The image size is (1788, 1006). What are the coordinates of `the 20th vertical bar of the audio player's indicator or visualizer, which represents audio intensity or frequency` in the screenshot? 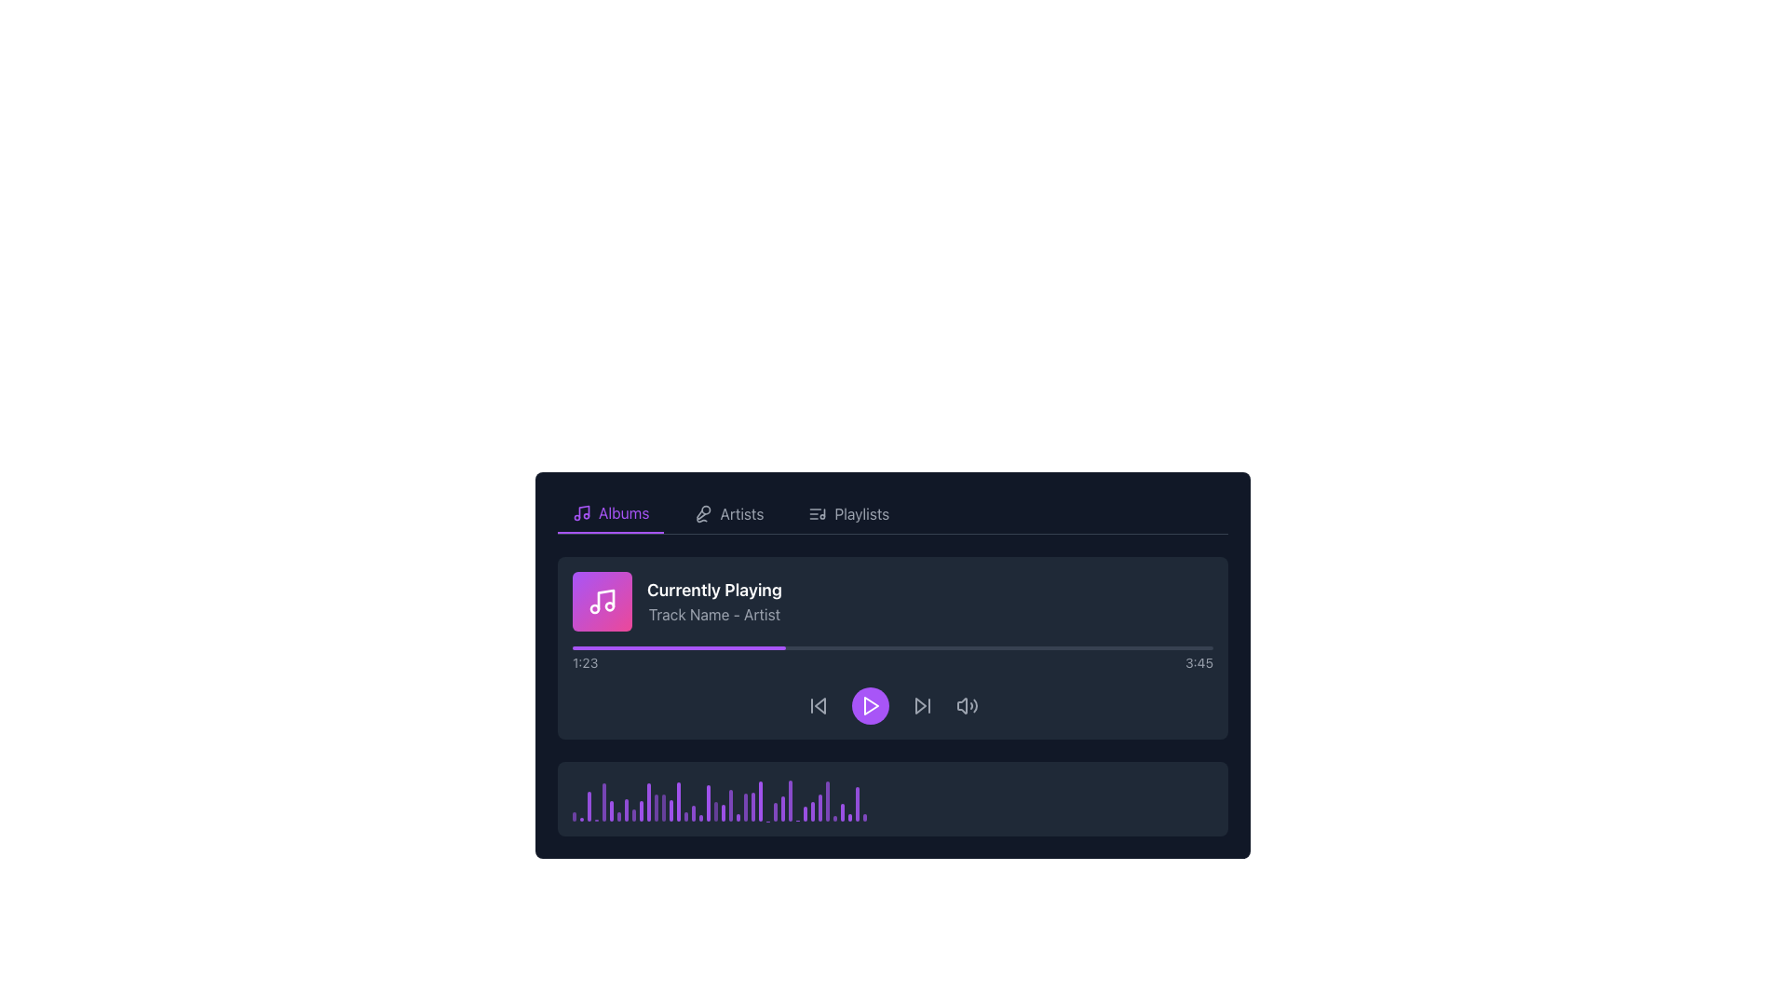 It's located at (714, 810).